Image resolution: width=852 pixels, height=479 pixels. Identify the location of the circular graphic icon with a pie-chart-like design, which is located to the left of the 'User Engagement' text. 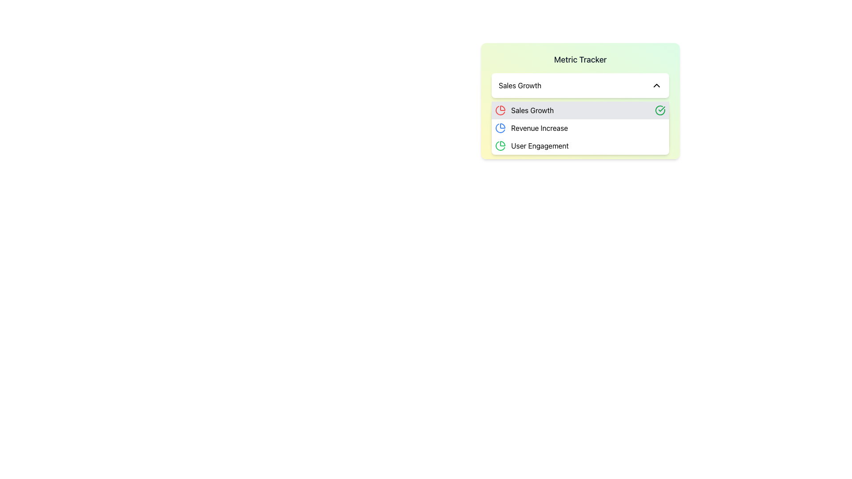
(501, 145).